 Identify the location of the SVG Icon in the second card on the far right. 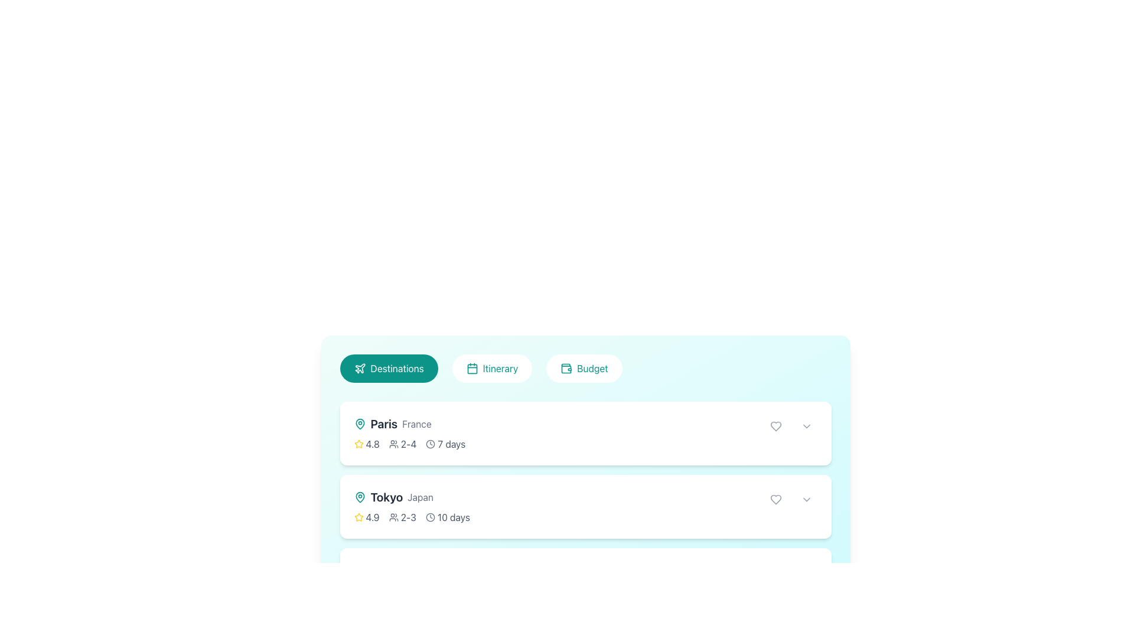
(806, 499).